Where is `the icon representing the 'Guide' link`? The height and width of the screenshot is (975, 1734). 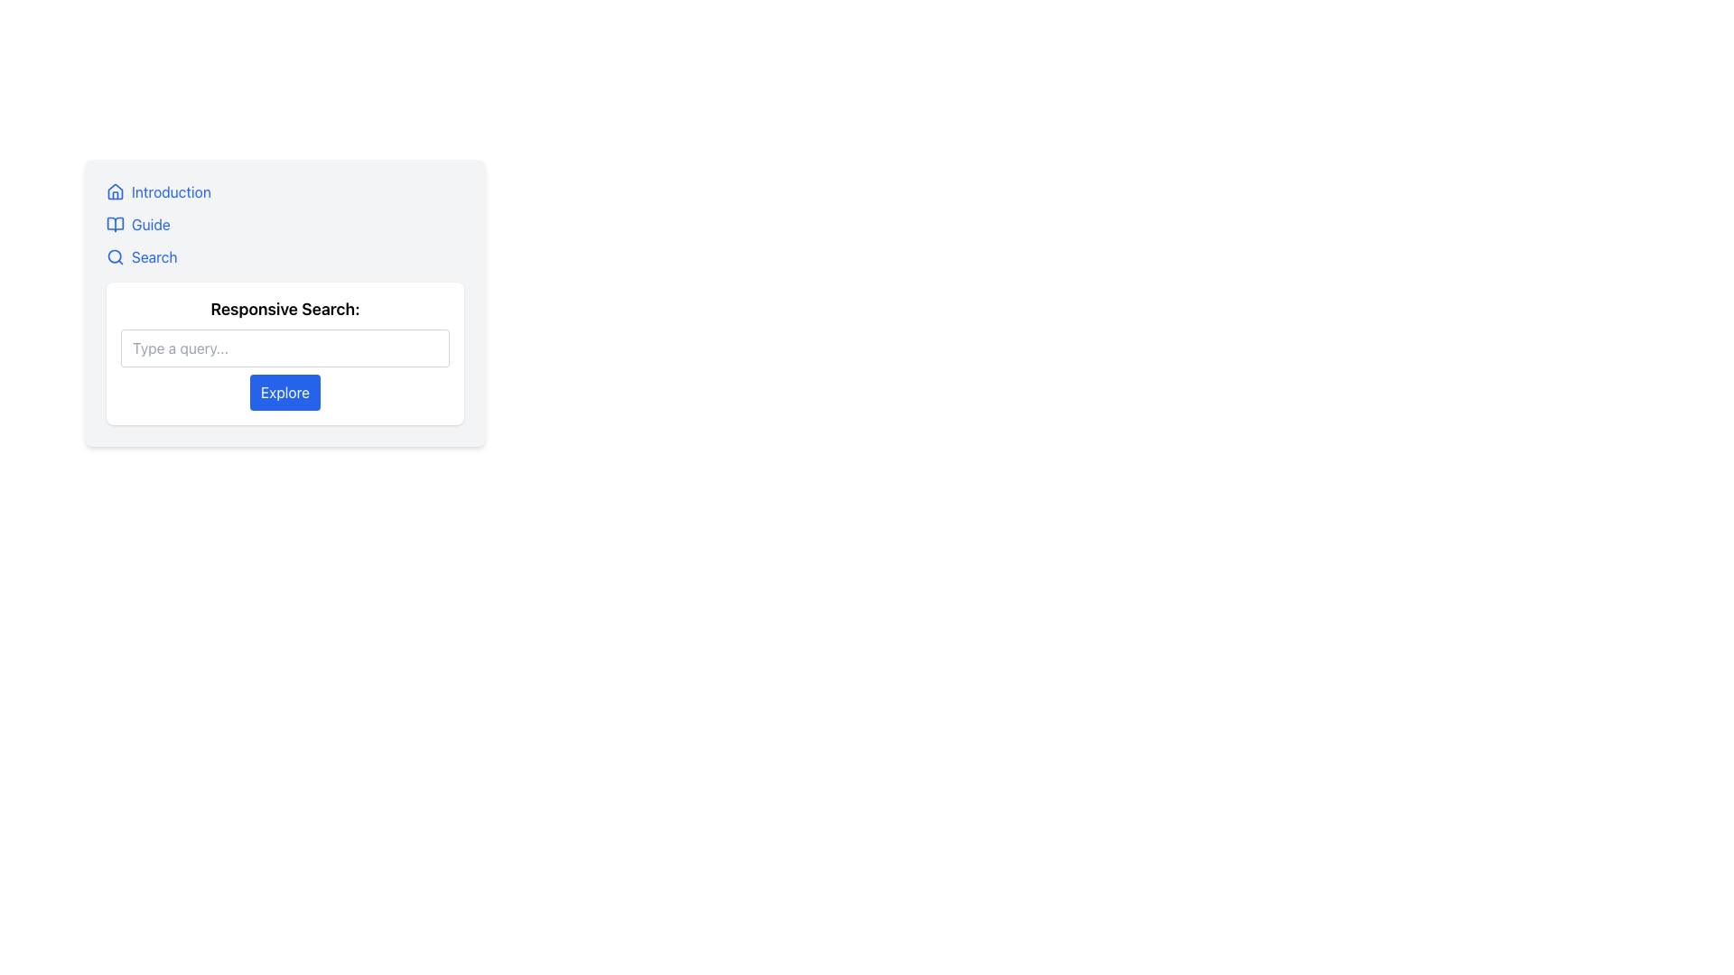
the icon representing the 'Guide' link is located at coordinates (115, 224).